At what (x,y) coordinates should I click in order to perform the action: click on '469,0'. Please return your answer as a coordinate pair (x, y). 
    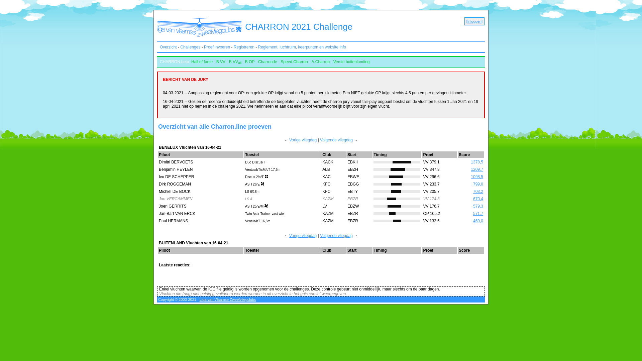
    Looking at the image, I should click on (478, 221).